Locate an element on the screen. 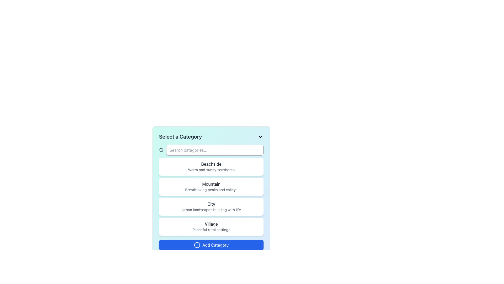 This screenshot has width=504, height=284. the circular graphical component within the SVG that represents the search icon located at the top-left corner of the 'Search categories...' input field is located at coordinates (161, 150).